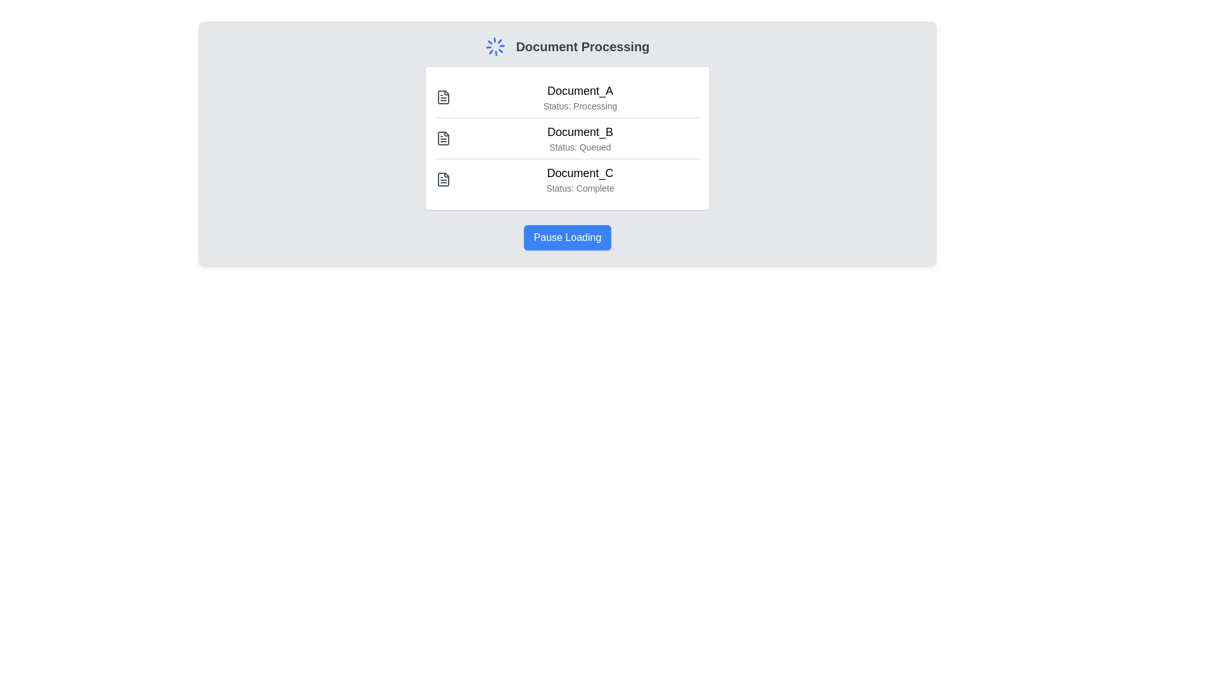 Image resolution: width=1215 pixels, height=683 pixels. What do you see at coordinates (579, 132) in the screenshot?
I see `the static text label that displays 'Document_B', which is the second document in a vertical list of three documents in the 'Document Processing' interface` at bounding box center [579, 132].